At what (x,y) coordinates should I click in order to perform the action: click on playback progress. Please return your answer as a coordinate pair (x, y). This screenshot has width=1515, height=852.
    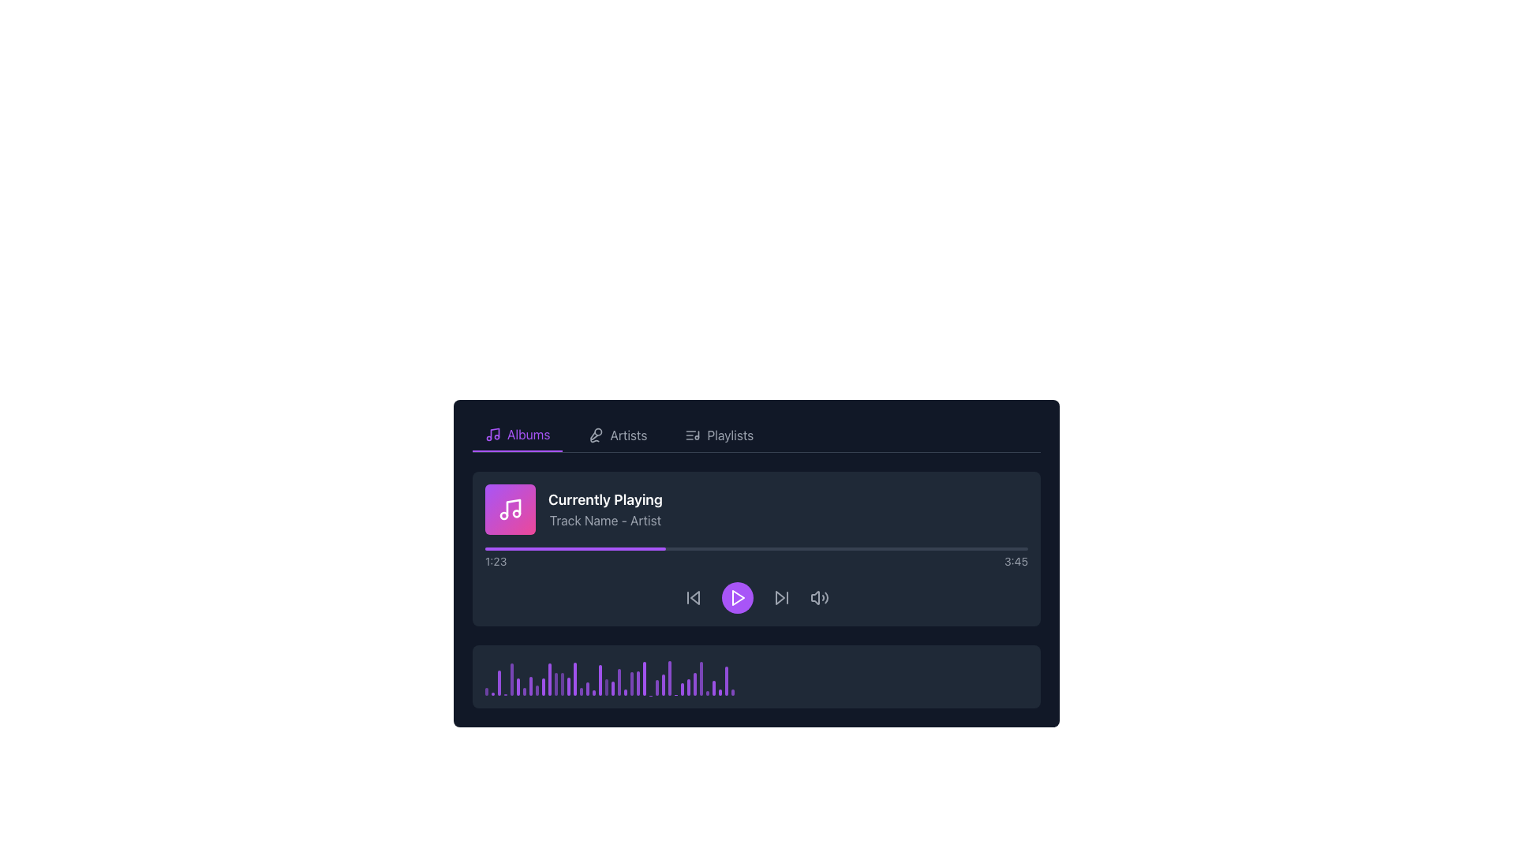
    Looking at the image, I should click on (756, 547).